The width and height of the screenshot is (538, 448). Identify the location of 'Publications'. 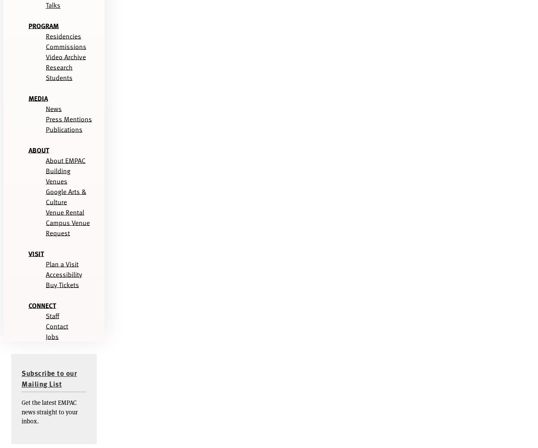
(64, 129).